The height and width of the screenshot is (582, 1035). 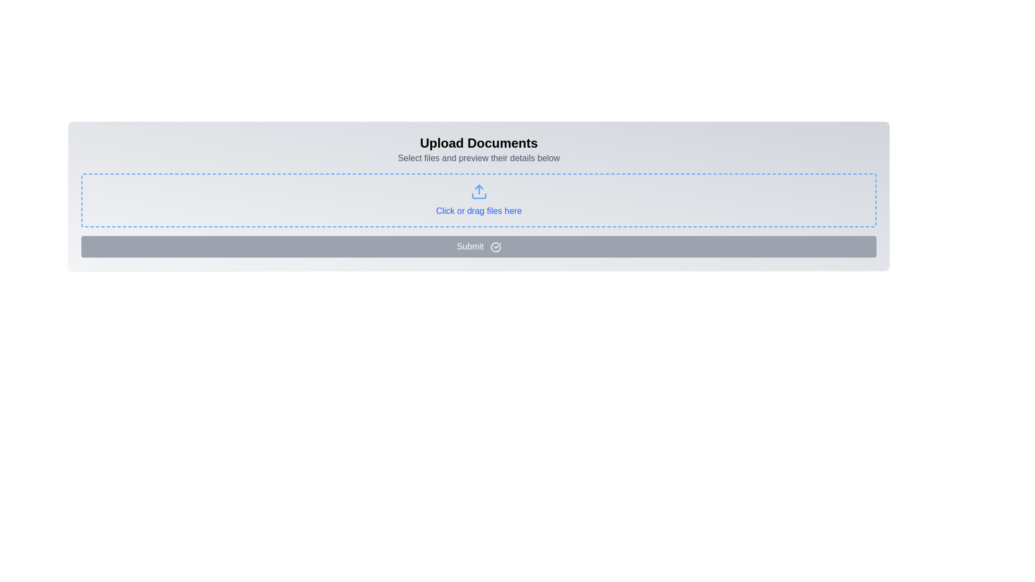 I want to click on the checkmark icon inside the blue 'Submit' button located near the bottom center of the interface, immediately to the right of the 'Submit' text, so click(x=495, y=247).